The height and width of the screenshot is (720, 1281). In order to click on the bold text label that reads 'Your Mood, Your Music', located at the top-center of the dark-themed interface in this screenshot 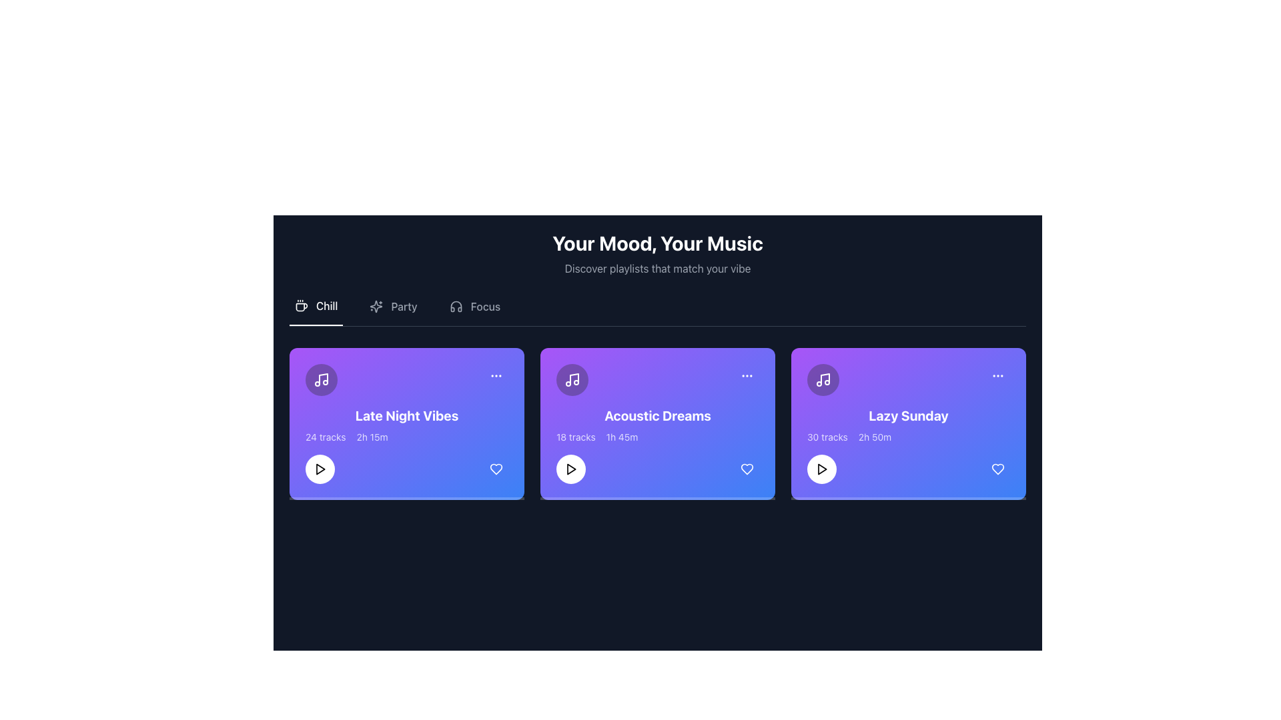, I will do `click(657, 243)`.